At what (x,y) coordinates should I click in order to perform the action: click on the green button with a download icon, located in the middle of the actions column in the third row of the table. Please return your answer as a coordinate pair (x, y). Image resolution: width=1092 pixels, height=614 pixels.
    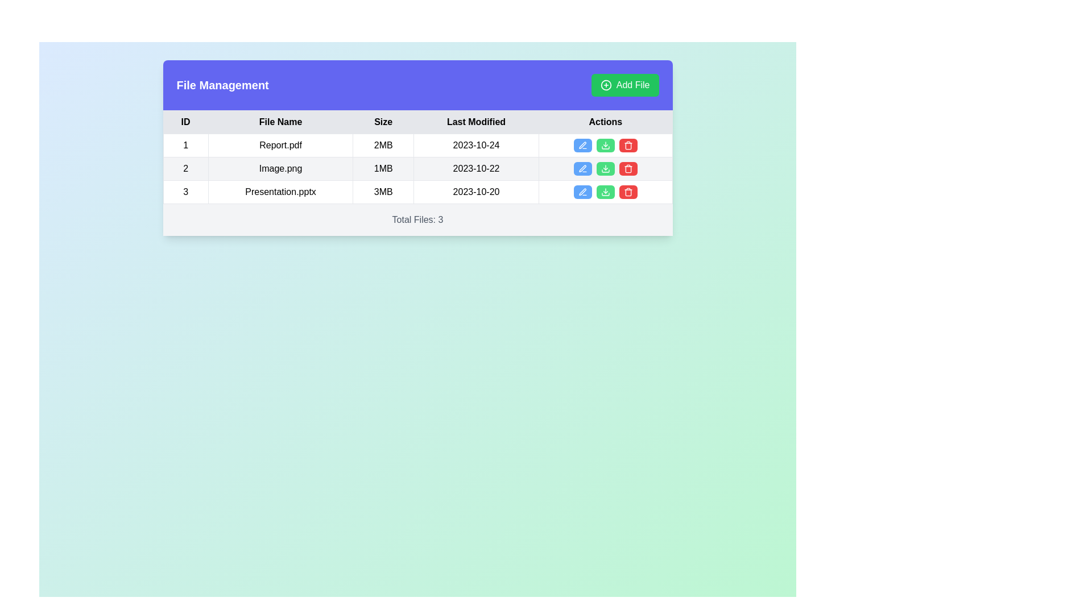
    Looking at the image, I should click on (605, 192).